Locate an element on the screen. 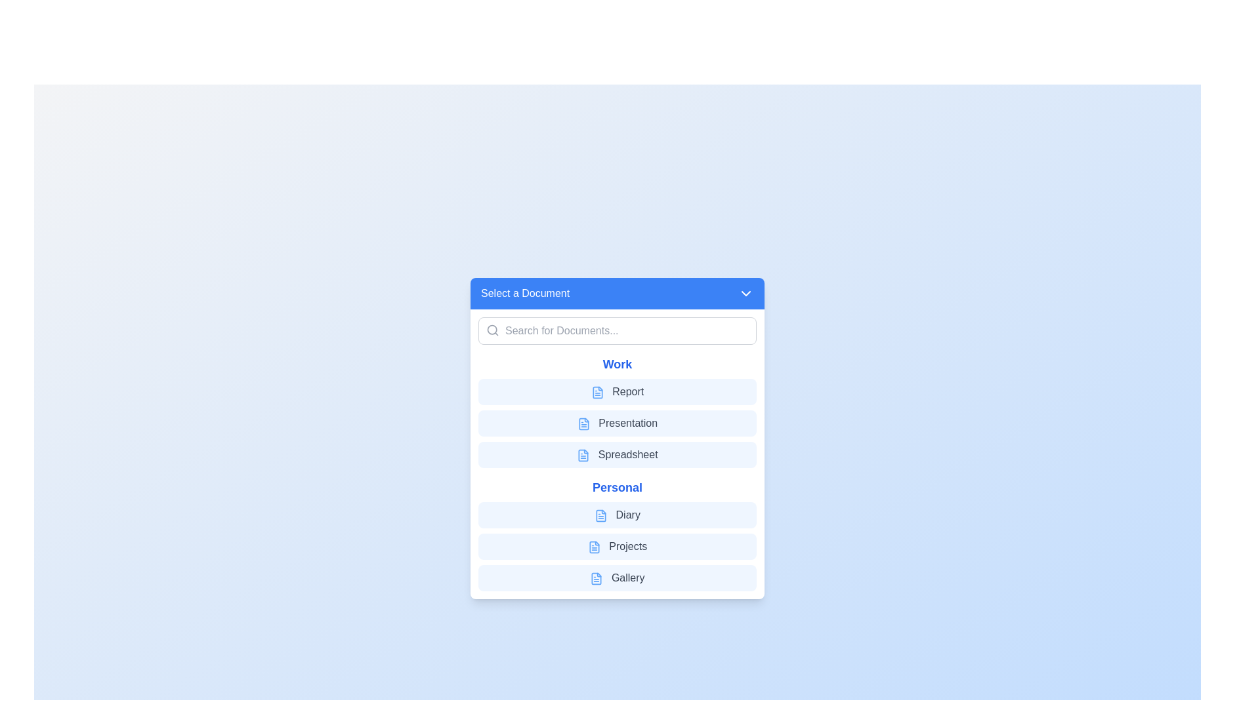  the document icon, which is blue and located to the left of the 'Spreadsheet' label in the 'Work' section of the document selection menu is located at coordinates (583, 454).